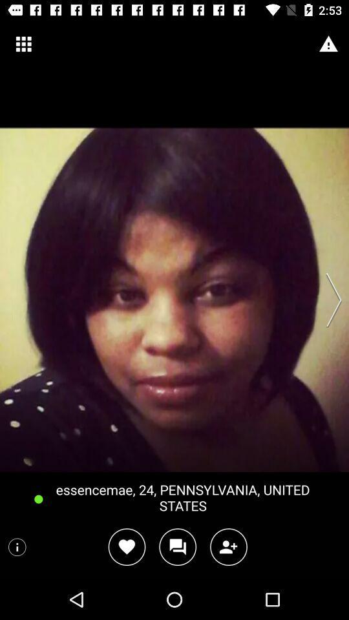  What do you see at coordinates (127, 546) in the screenshot?
I see `the item below essencemae 24 pennsylvania item` at bounding box center [127, 546].